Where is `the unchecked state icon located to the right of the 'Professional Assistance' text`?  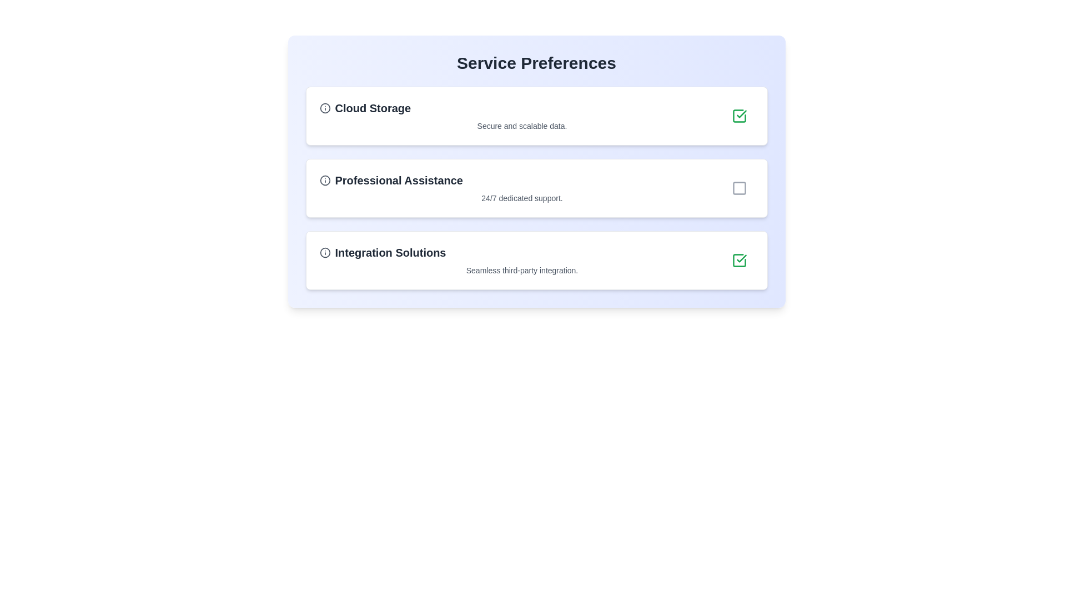
the unchecked state icon located to the right of the 'Professional Assistance' text is located at coordinates (739, 188).